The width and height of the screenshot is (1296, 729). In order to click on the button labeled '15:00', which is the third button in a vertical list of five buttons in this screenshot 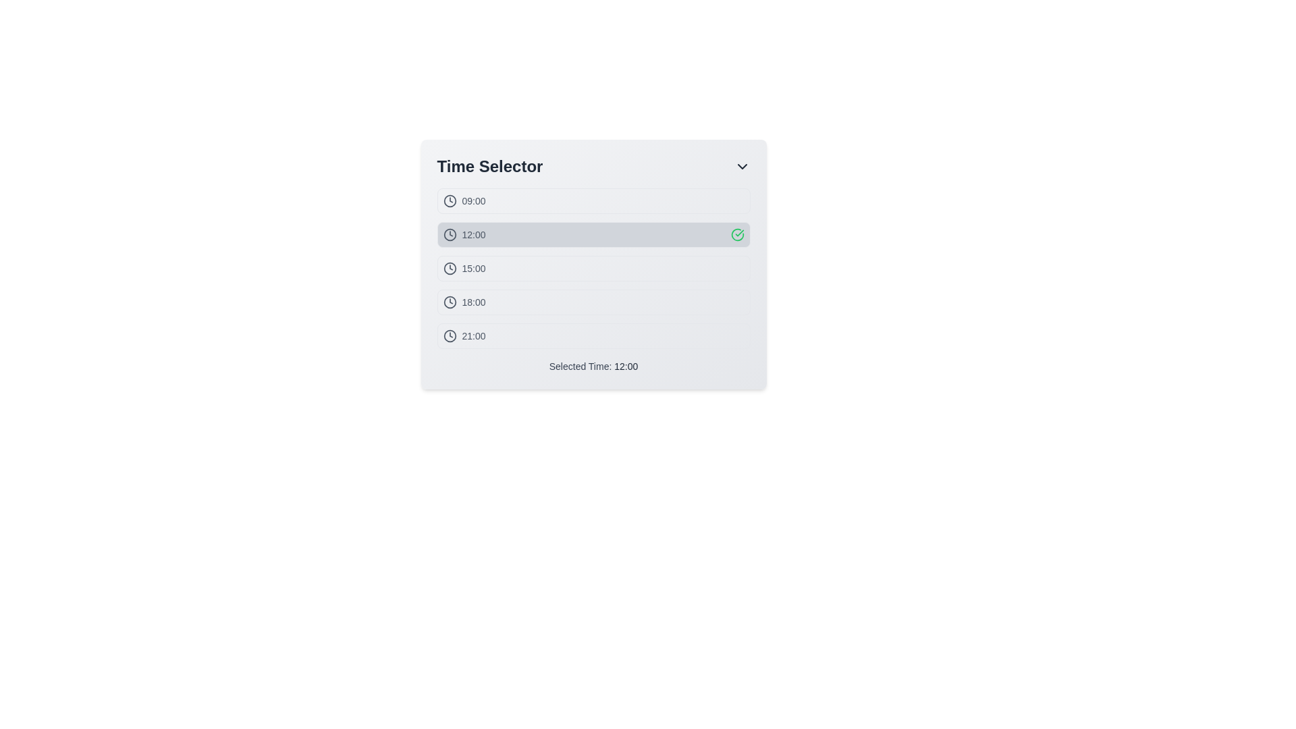, I will do `click(593, 268)`.